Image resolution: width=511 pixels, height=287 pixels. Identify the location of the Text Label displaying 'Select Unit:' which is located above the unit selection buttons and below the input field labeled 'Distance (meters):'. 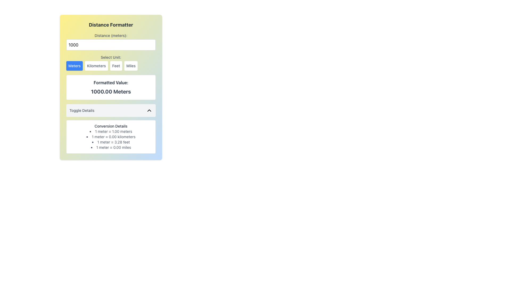
(111, 57).